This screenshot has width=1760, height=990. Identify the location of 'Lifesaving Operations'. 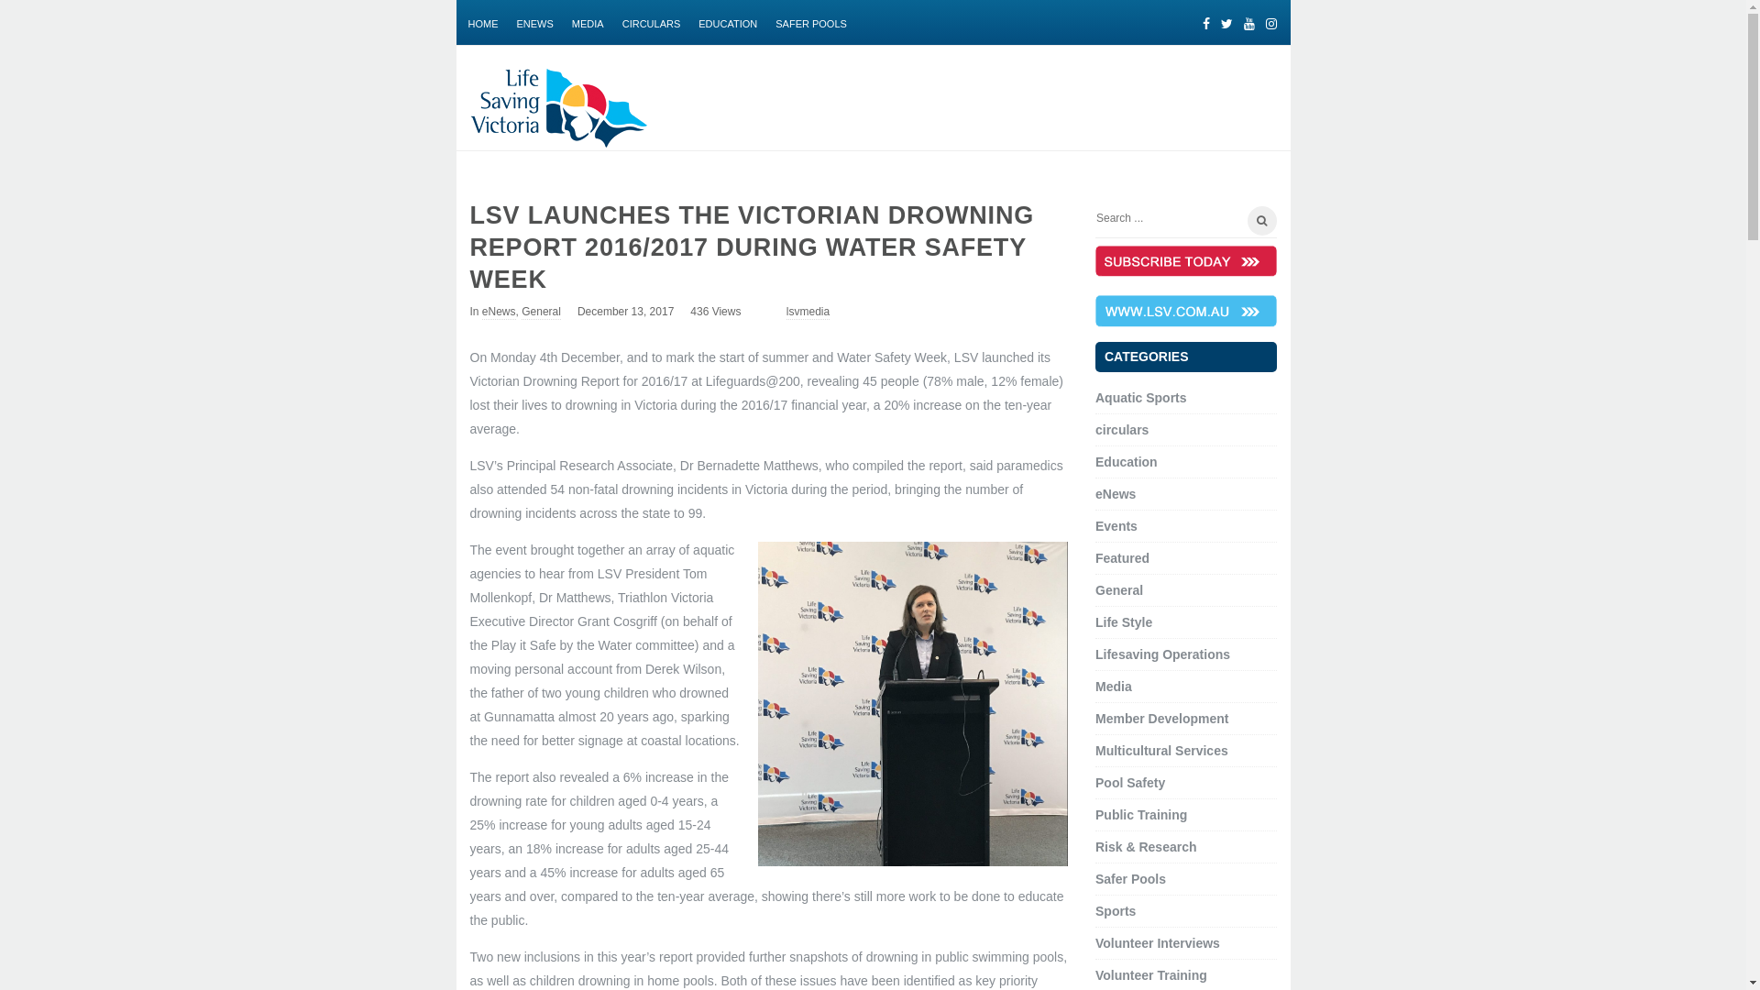
(1095, 653).